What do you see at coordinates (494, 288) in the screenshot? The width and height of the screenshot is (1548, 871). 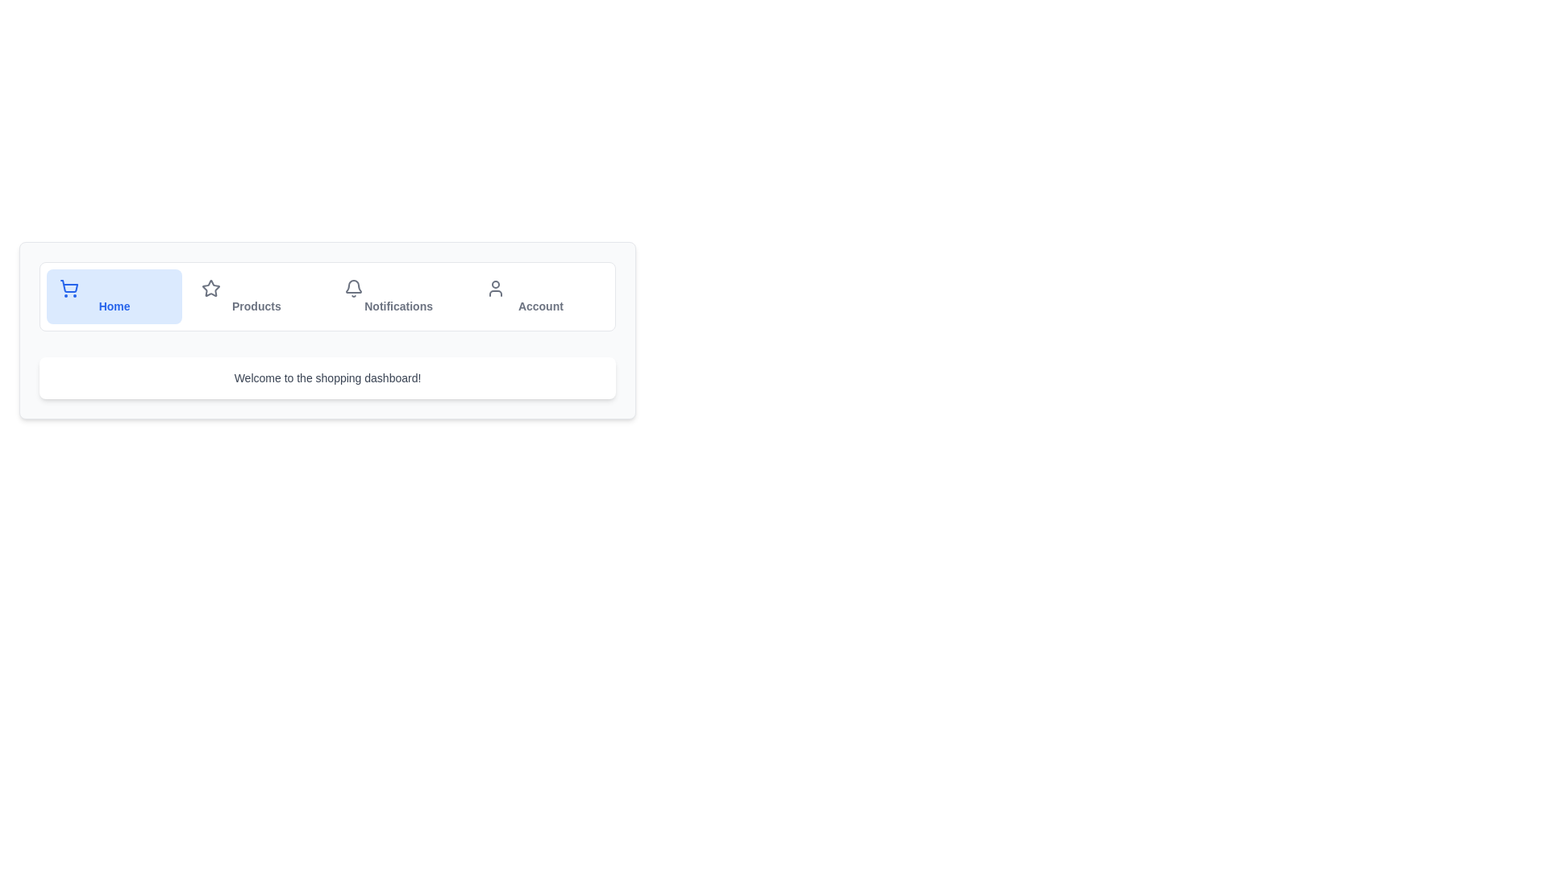 I see `the user icon in the navigation menu, which is styled with a gray stroke and located to the left of the text 'Account'` at bounding box center [494, 288].